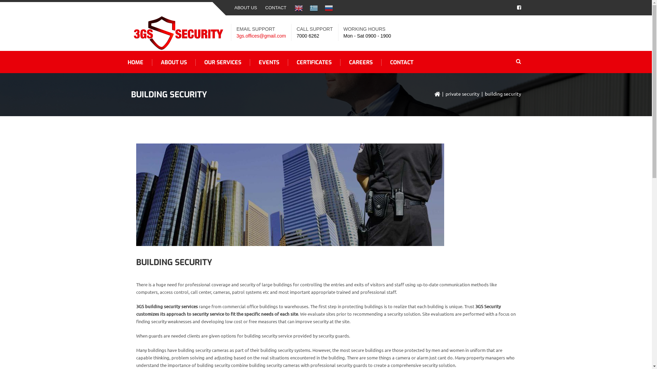 The width and height of the screenshot is (657, 369). What do you see at coordinates (119, 62) in the screenshot?
I see `'HOME'` at bounding box center [119, 62].